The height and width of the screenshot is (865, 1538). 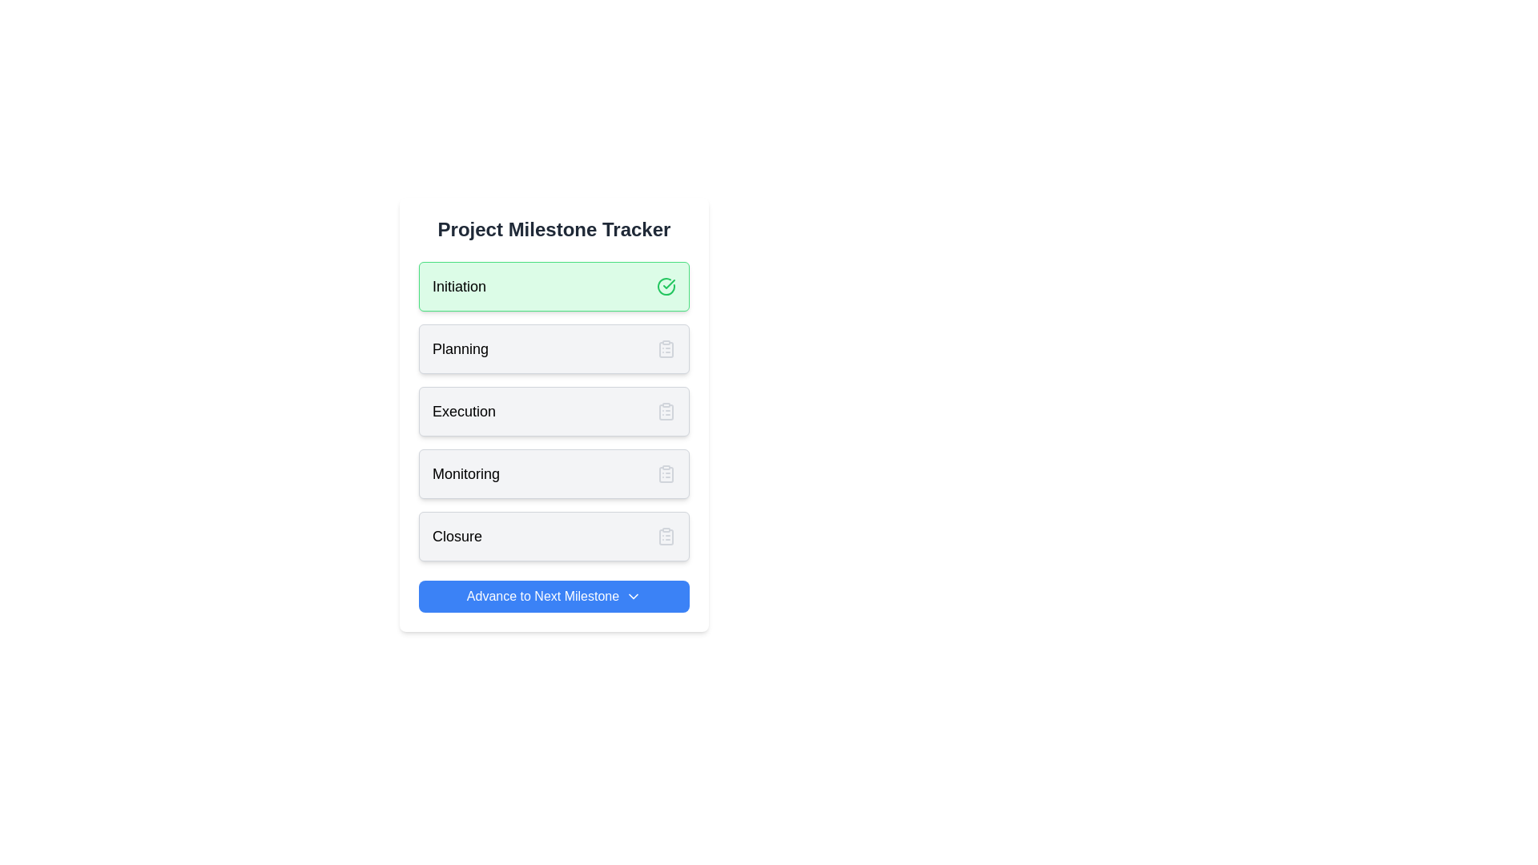 I want to click on the clipboard icon that signifies the 'Monitoring' milestone, which is the third clipboard icon in a vertical sequence, so click(x=666, y=474).